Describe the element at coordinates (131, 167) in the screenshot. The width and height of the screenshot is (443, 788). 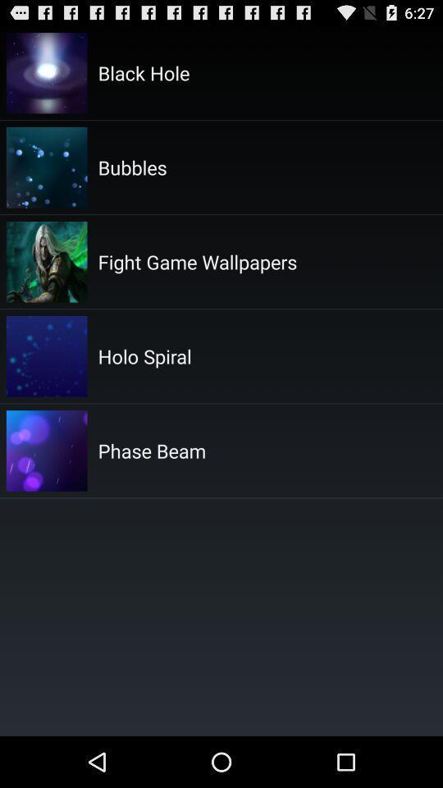
I see `the item below black hole` at that location.